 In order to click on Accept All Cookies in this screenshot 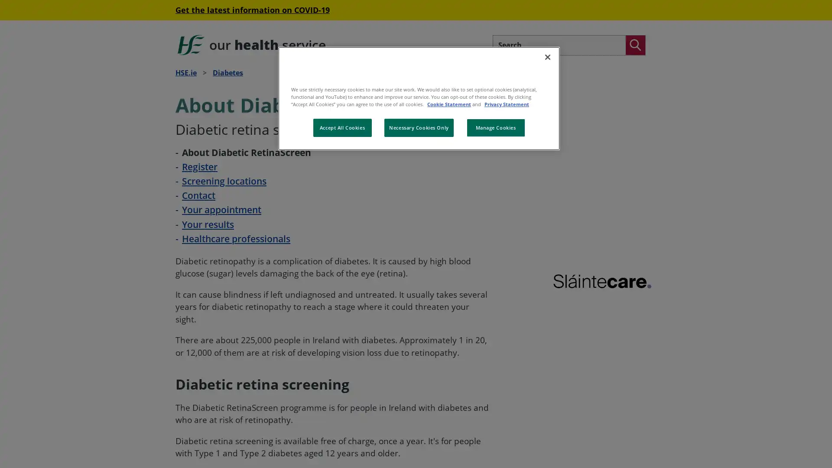, I will do `click(341, 127)`.